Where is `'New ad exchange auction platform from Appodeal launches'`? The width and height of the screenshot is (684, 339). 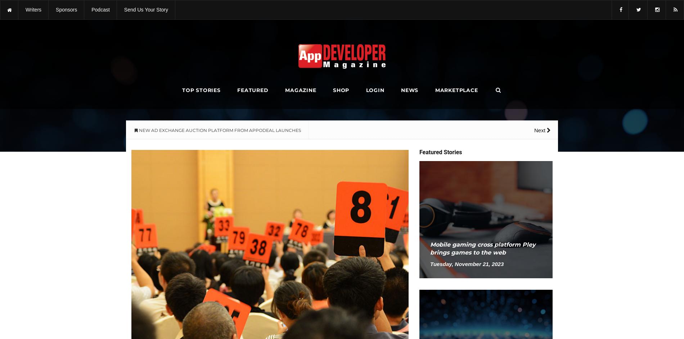 'New ad exchange auction platform from Appodeal launches' is located at coordinates (66, 4).